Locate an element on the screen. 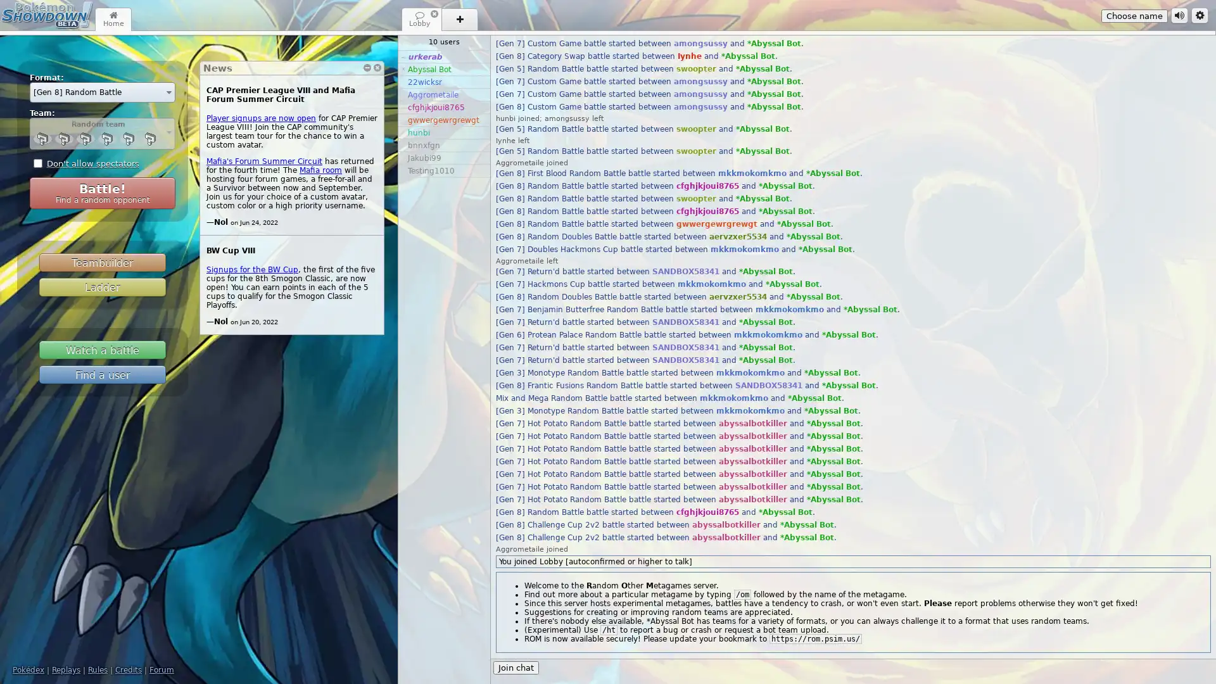  gwwergewrgrewgt is located at coordinates (444, 120).